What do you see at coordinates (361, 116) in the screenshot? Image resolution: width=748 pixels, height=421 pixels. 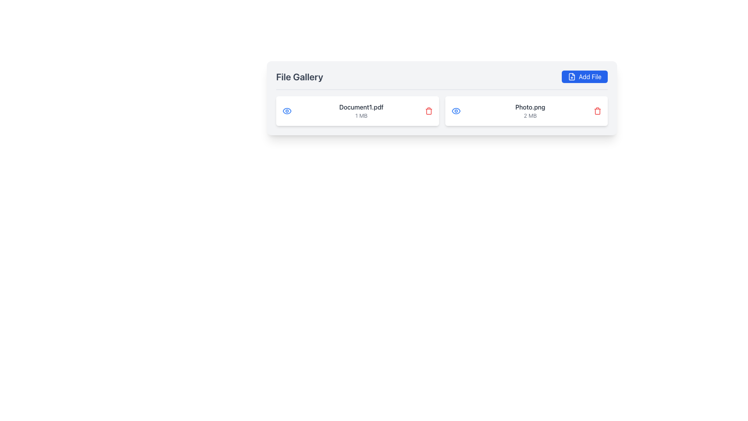 I see `the Text Label indicating the file size of 'Document1.pdf', which is located directly beneath the file name in the left panel of the File Gallery section` at bounding box center [361, 116].